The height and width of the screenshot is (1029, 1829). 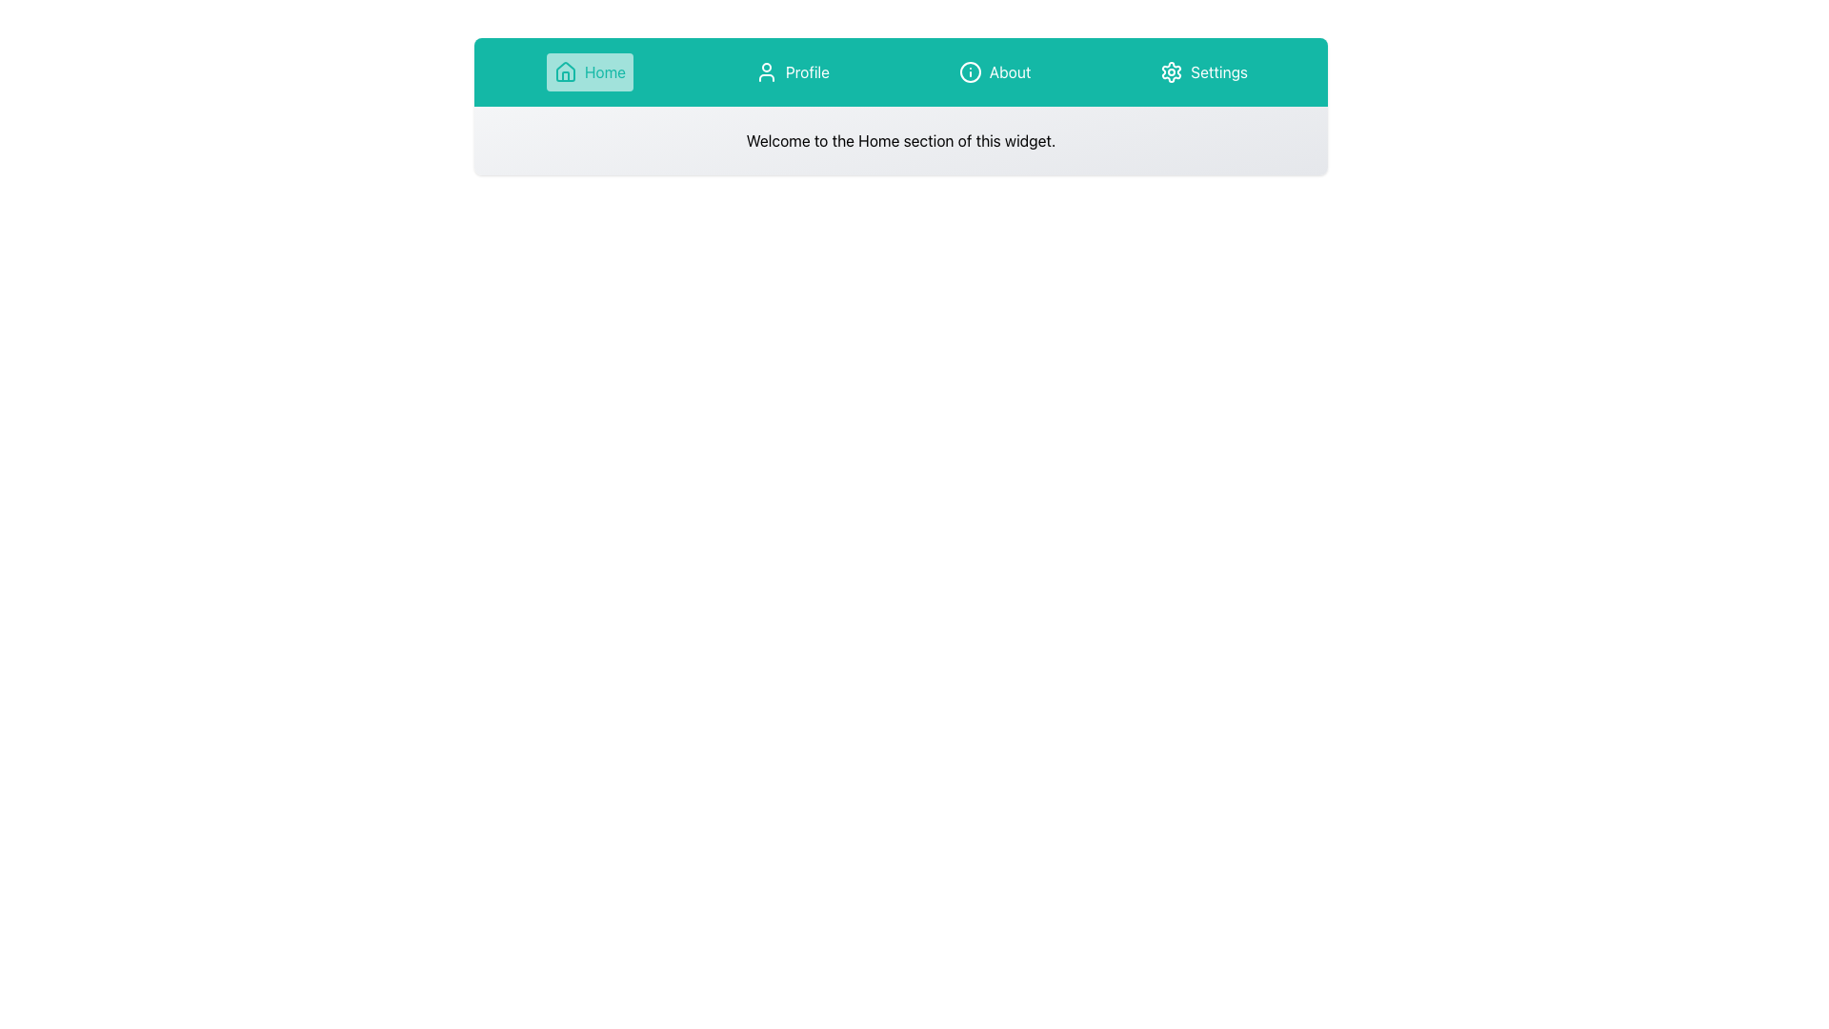 I want to click on the 'Settings' label, which is styled with a white font on a teal background and positioned, so click(x=1219, y=71).